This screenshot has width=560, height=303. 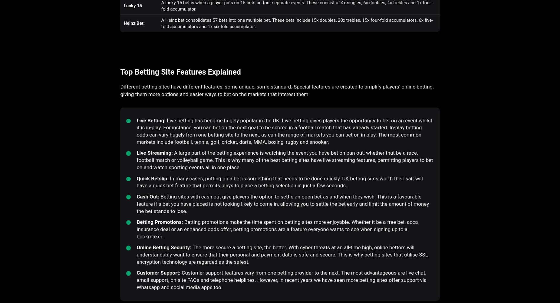 I want to click on 'Betting sites with cash out give players the option to settle an open bet as and when they wish. This is a favourable feature if a bet you have placed is not looking likely to come in, allowing you to settle the bet early and limit the amount of money the bet stands to lose.', so click(x=136, y=204).